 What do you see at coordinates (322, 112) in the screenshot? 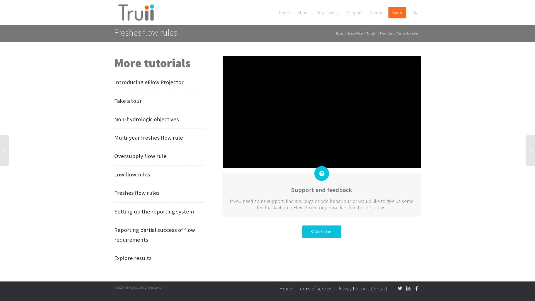
I see `'eFlow Projector: Freshes Flow Rule'` at bounding box center [322, 112].